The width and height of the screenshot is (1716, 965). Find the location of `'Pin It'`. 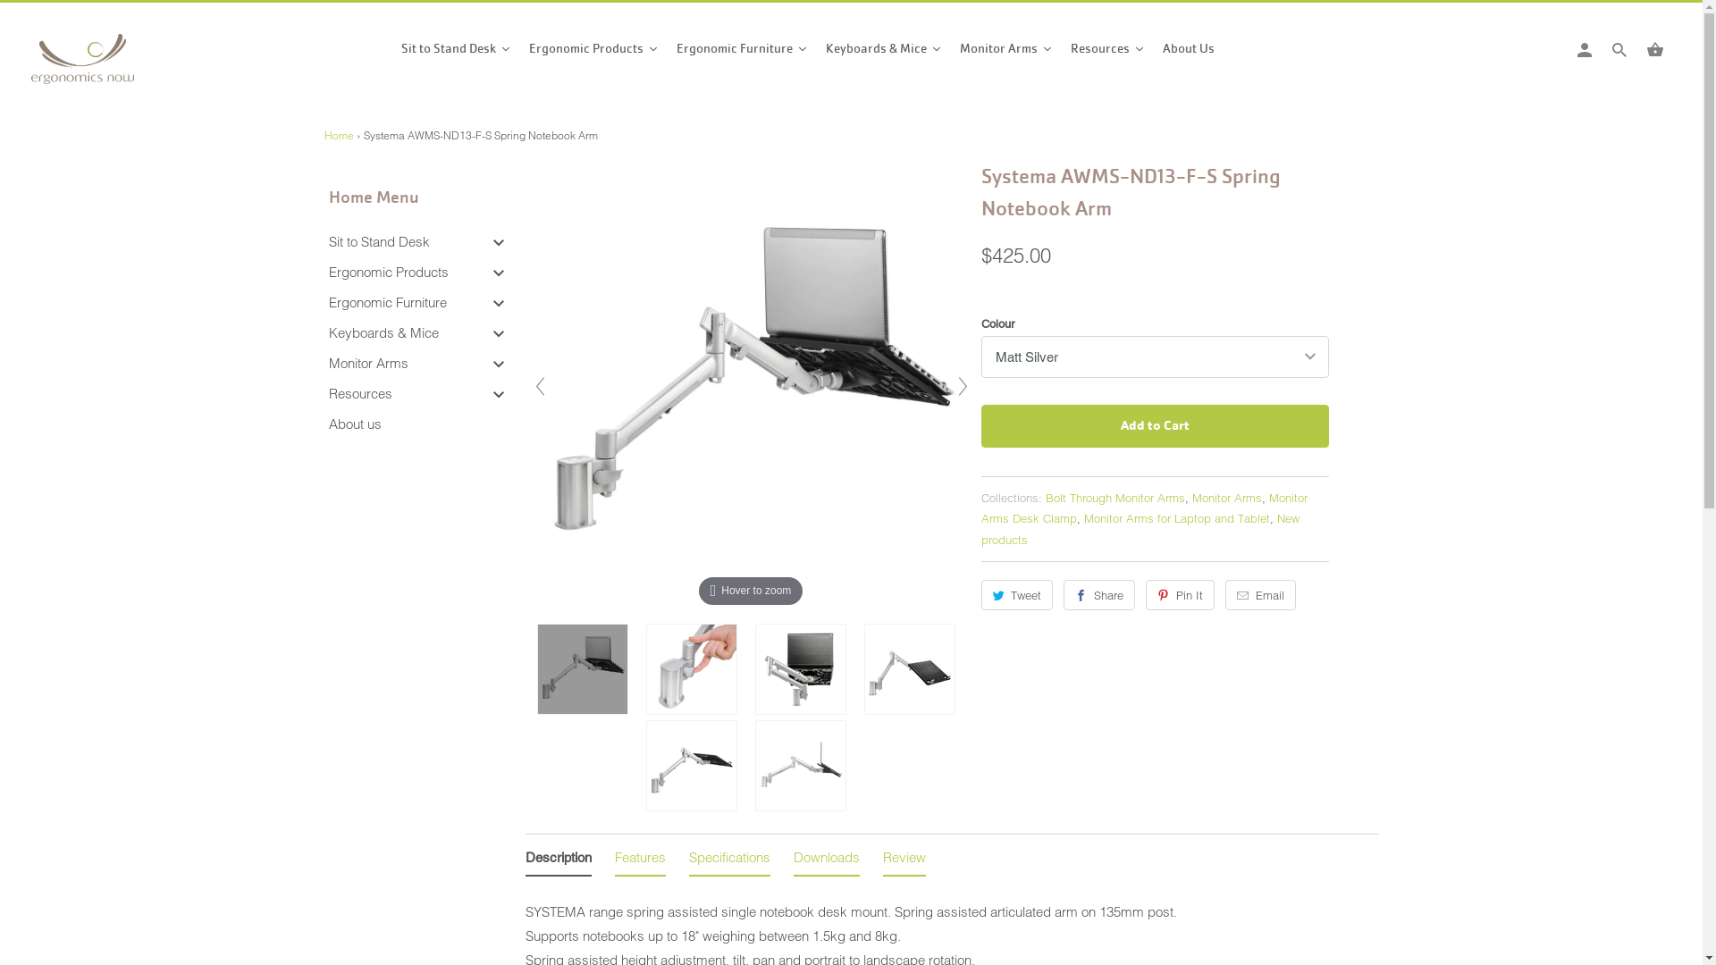

'Pin It' is located at coordinates (1180, 595).